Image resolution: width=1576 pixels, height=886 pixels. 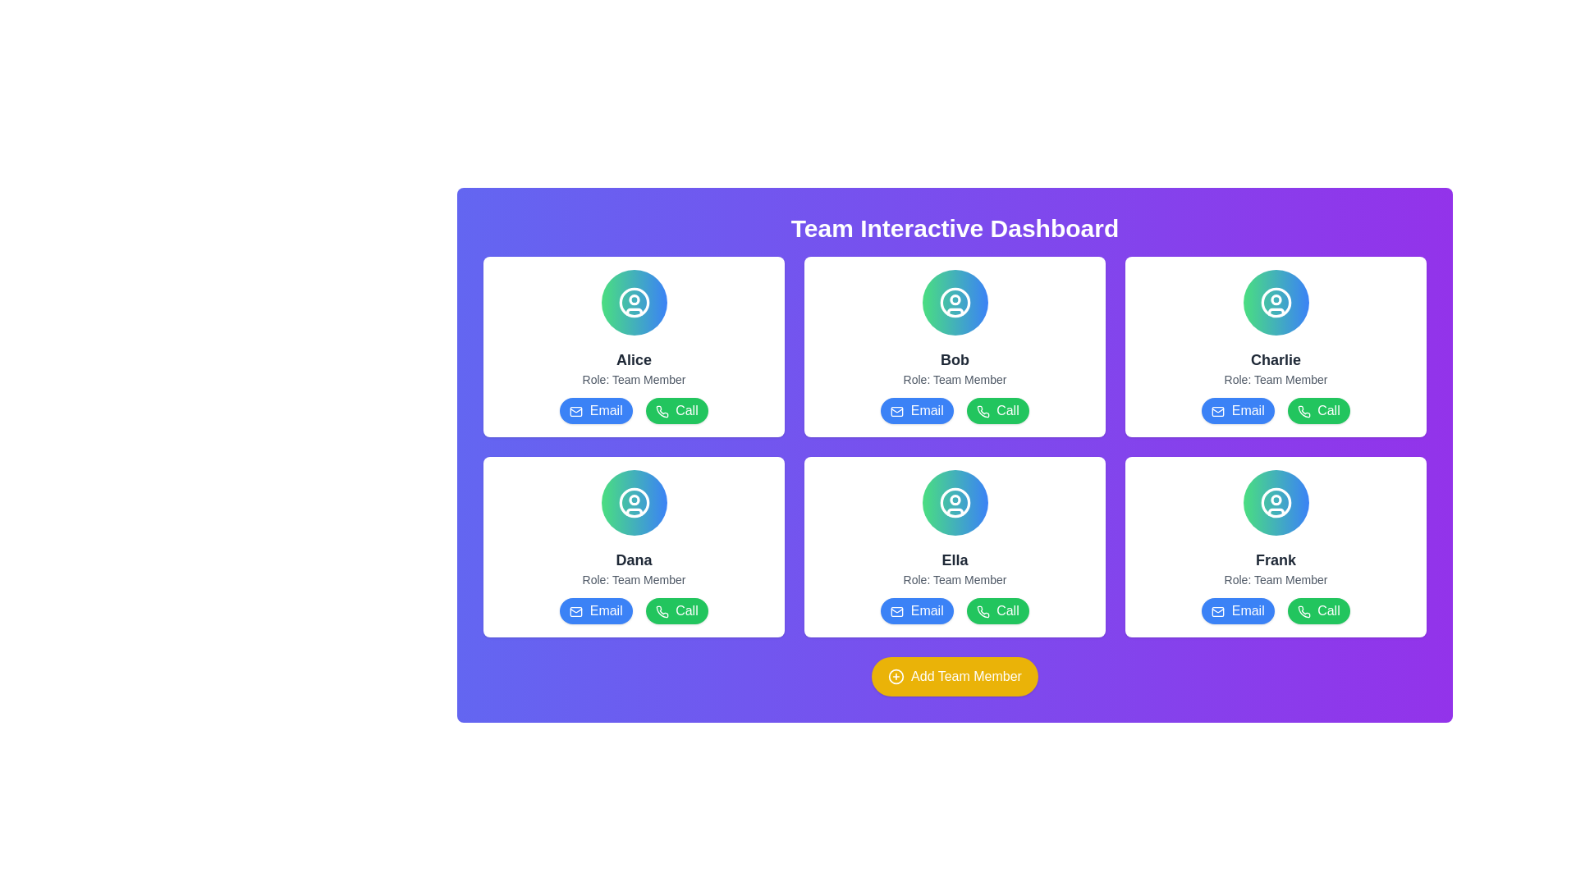 What do you see at coordinates (1303, 410) in the screenshot?
I see `the 'Call' button for the user Charlie located in the third column of the first row in the team dashboard interface` at bounding box center [1303, 410].